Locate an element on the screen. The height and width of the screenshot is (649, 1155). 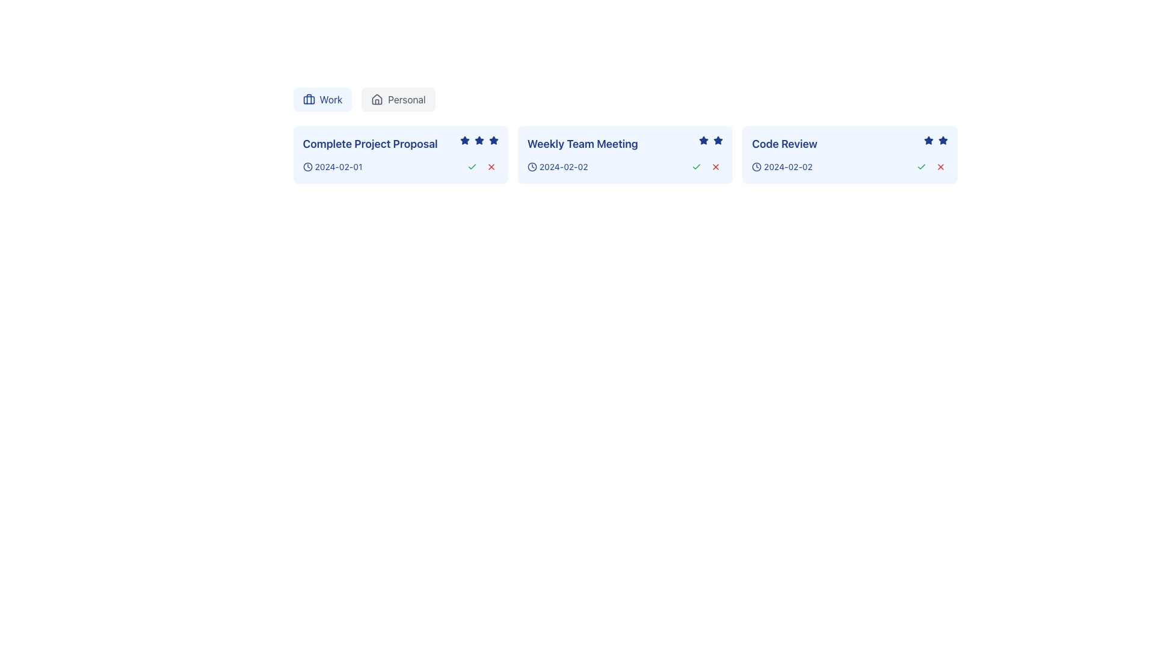
the circular frame of the clock icon representing time in the 'Weekly Team Meeting' card, located in the second column of cards is located at coordinates (531, 166).